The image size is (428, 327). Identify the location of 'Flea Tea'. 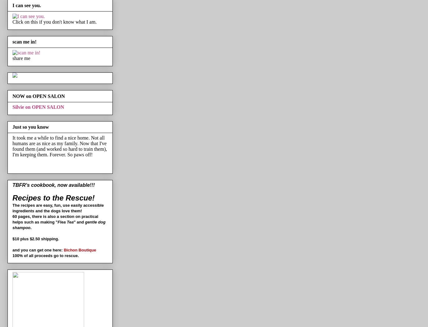
(57, 222).